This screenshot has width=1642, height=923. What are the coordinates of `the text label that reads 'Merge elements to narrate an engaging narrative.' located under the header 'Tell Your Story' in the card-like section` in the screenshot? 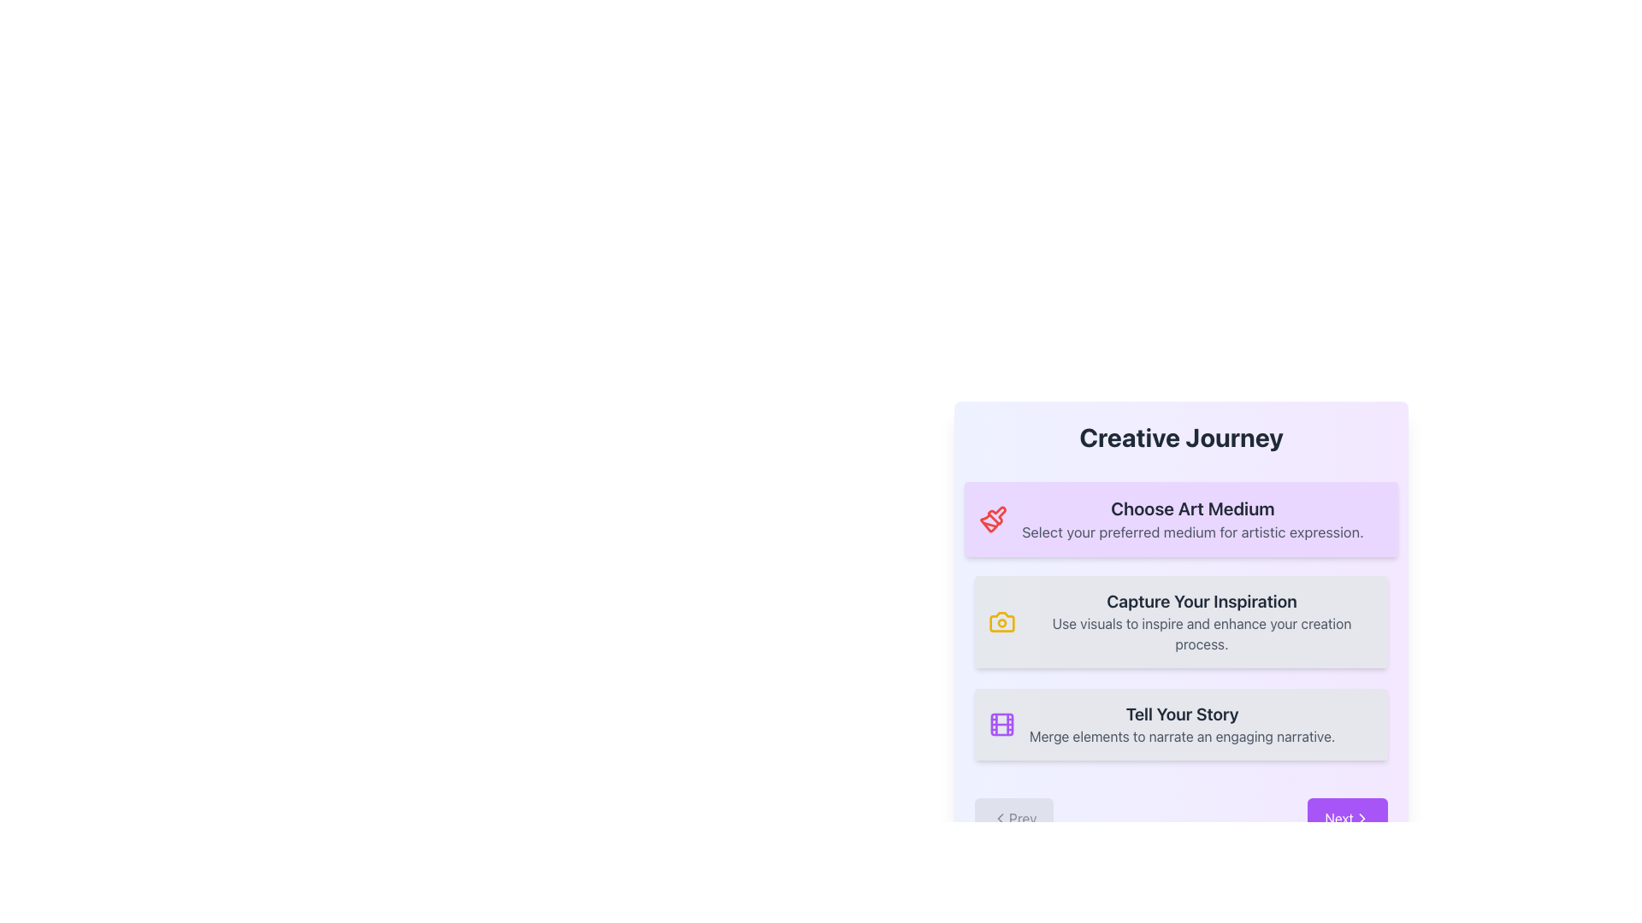 It's located at (1181, 735).